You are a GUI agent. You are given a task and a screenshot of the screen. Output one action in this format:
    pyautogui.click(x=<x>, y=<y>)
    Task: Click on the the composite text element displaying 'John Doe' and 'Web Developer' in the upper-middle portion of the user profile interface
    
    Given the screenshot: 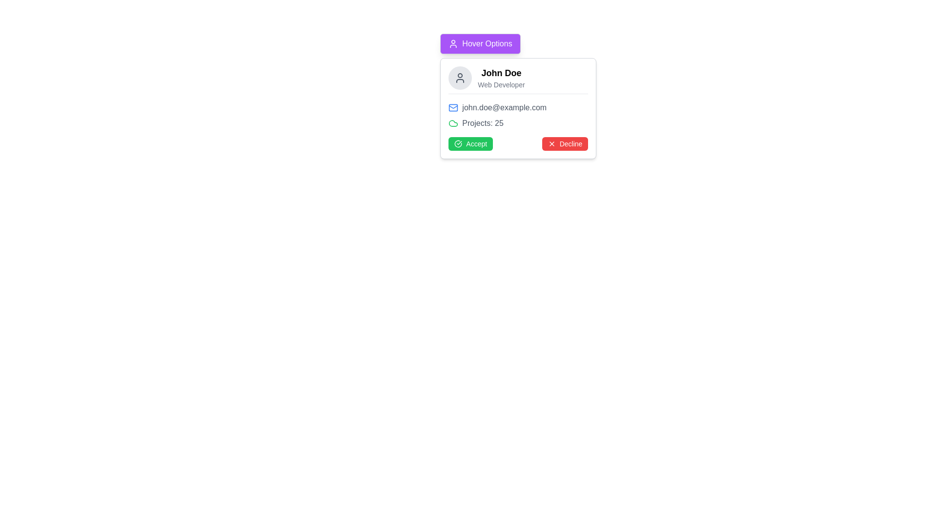 What is the action you would take?
    pyautogui.click(x=501, y=77)
    